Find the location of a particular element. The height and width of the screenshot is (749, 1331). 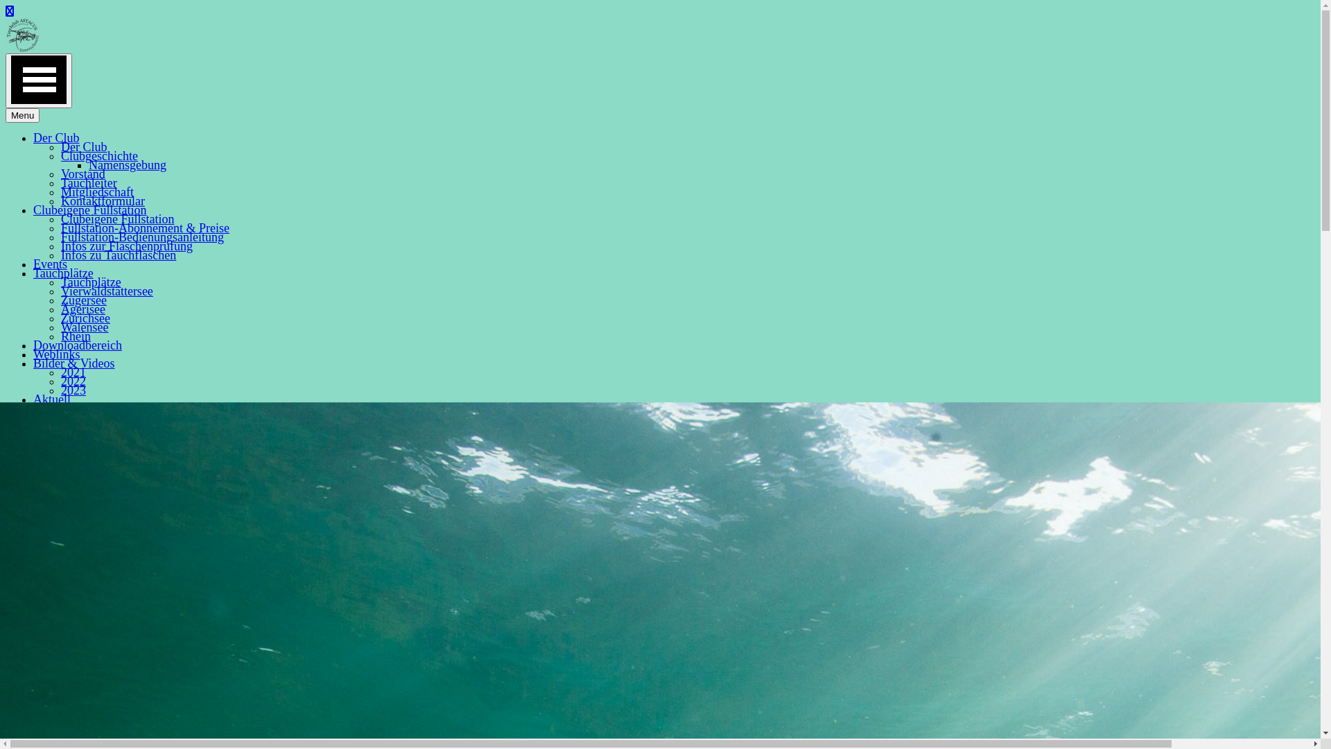

'Infos zu Tauchflaschen' is located at coordinates (60, 255).